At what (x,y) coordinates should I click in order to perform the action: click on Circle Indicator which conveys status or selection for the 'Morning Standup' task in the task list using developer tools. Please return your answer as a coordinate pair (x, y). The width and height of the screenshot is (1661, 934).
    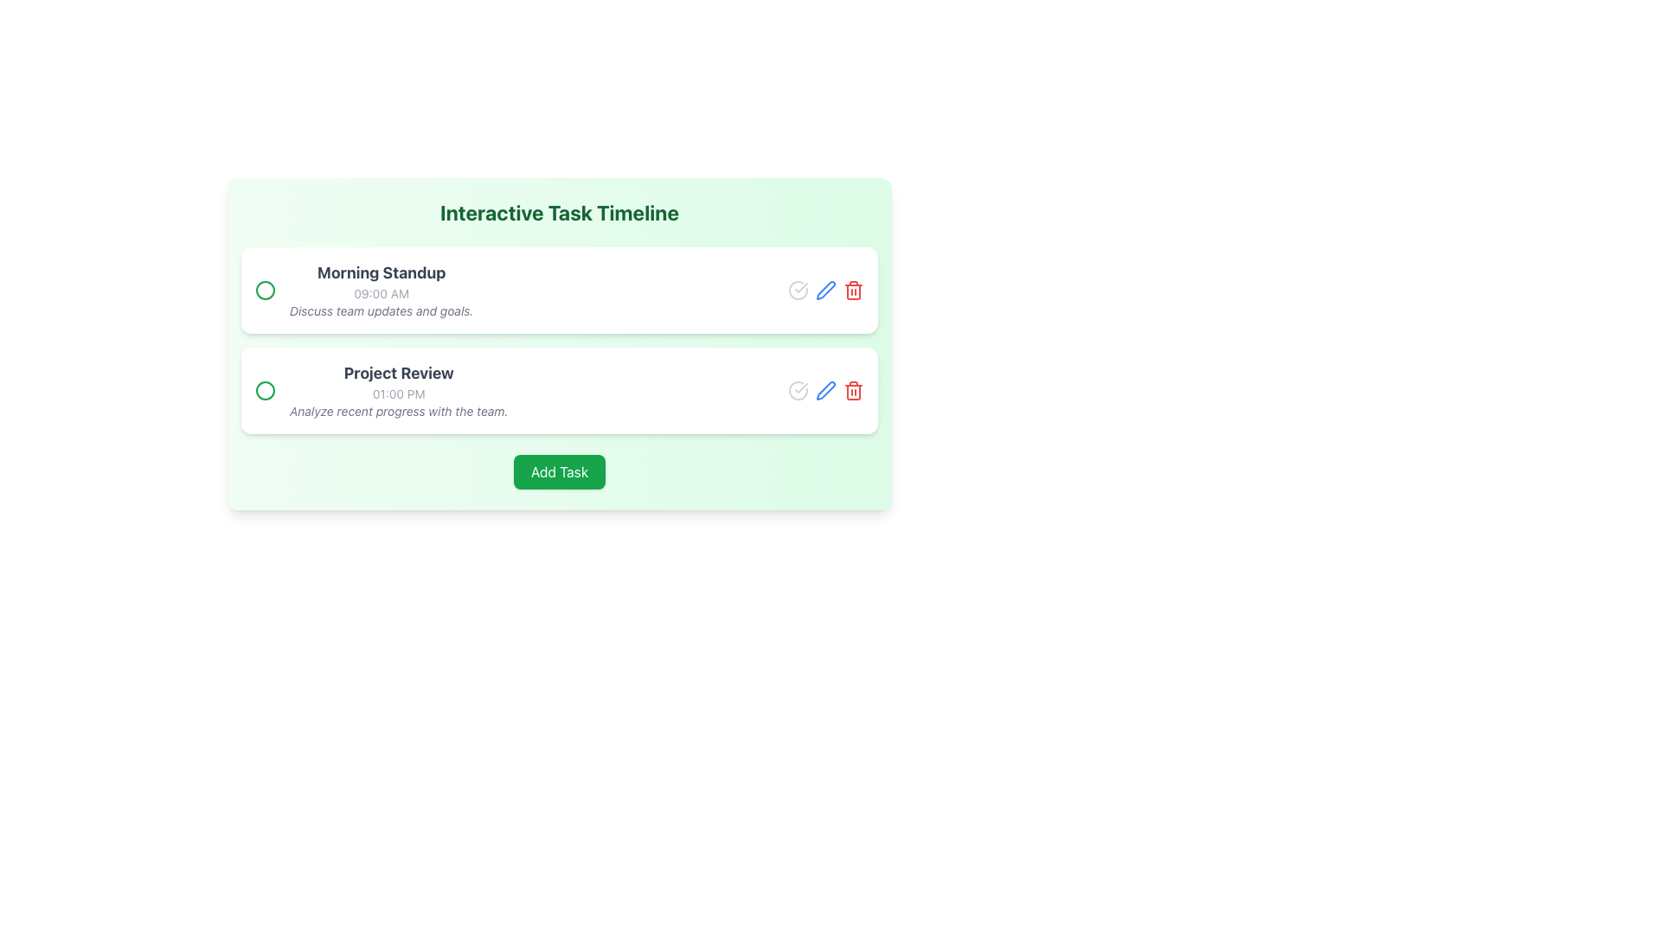
    Looking at the image, I should click on (265, 390).